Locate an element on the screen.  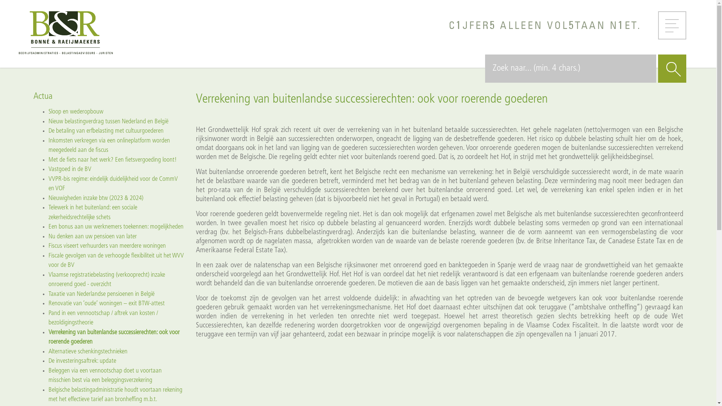
'Nieuwigheden inzake btw (2023 & 2024)' is located at coordinates (95, 197).